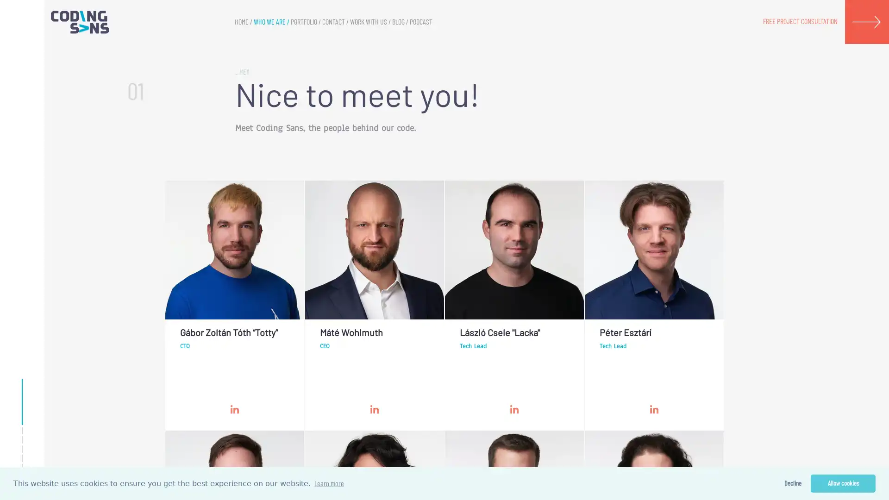  What do you see at coordinates (843, 483) in the screenshot?
I see `allow cookies` at bounding box center [843, 483].